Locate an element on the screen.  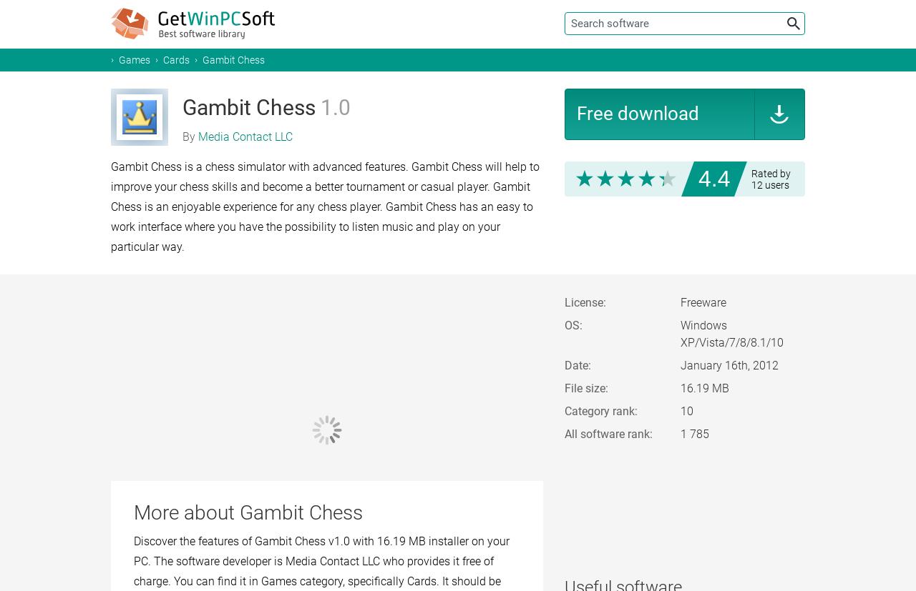
'Media Contact LLC' is located at coordinates (245, 136).